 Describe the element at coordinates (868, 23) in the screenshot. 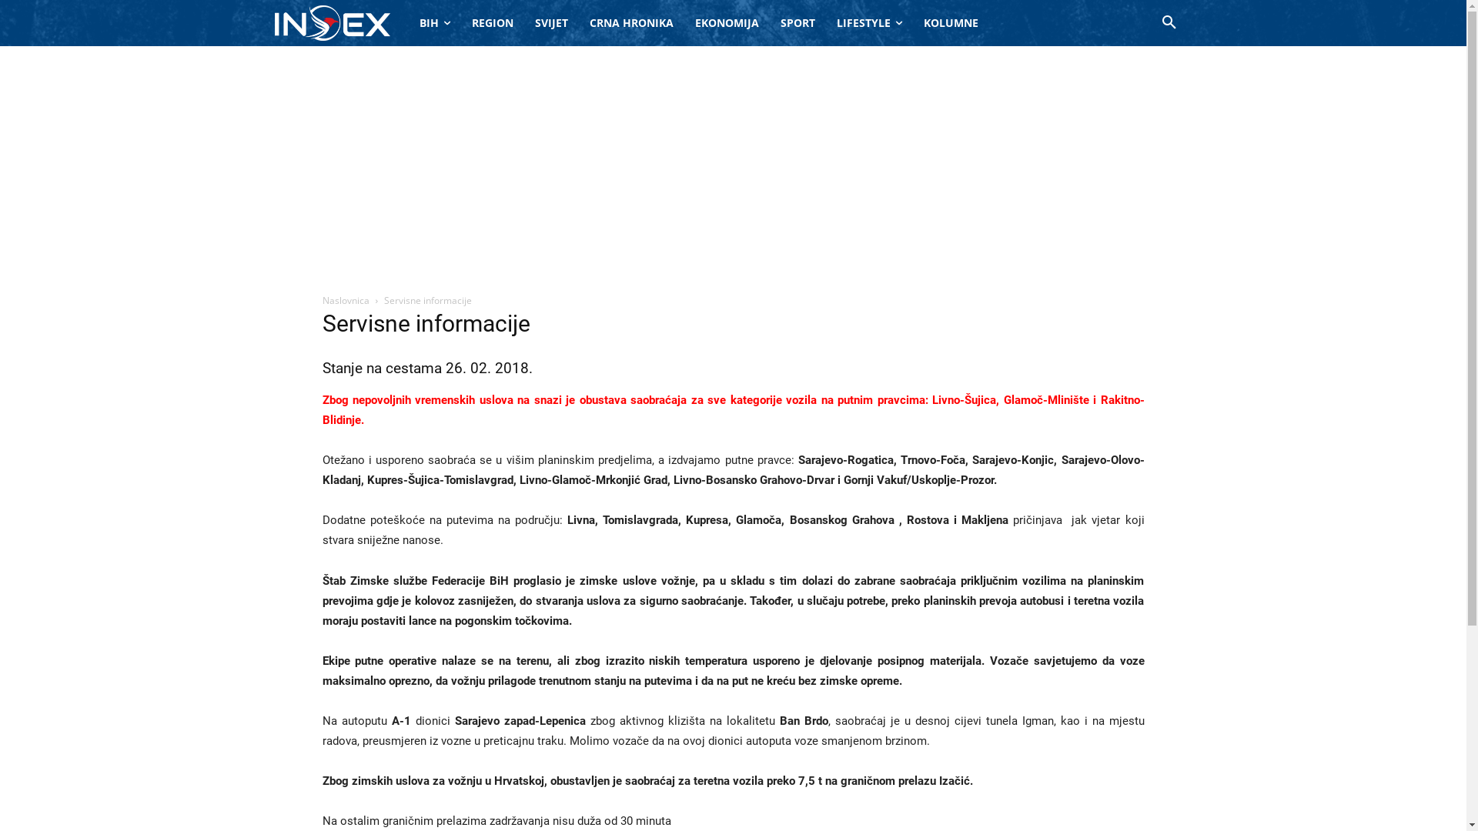

I see `'LIFESTYLE'` at that location.